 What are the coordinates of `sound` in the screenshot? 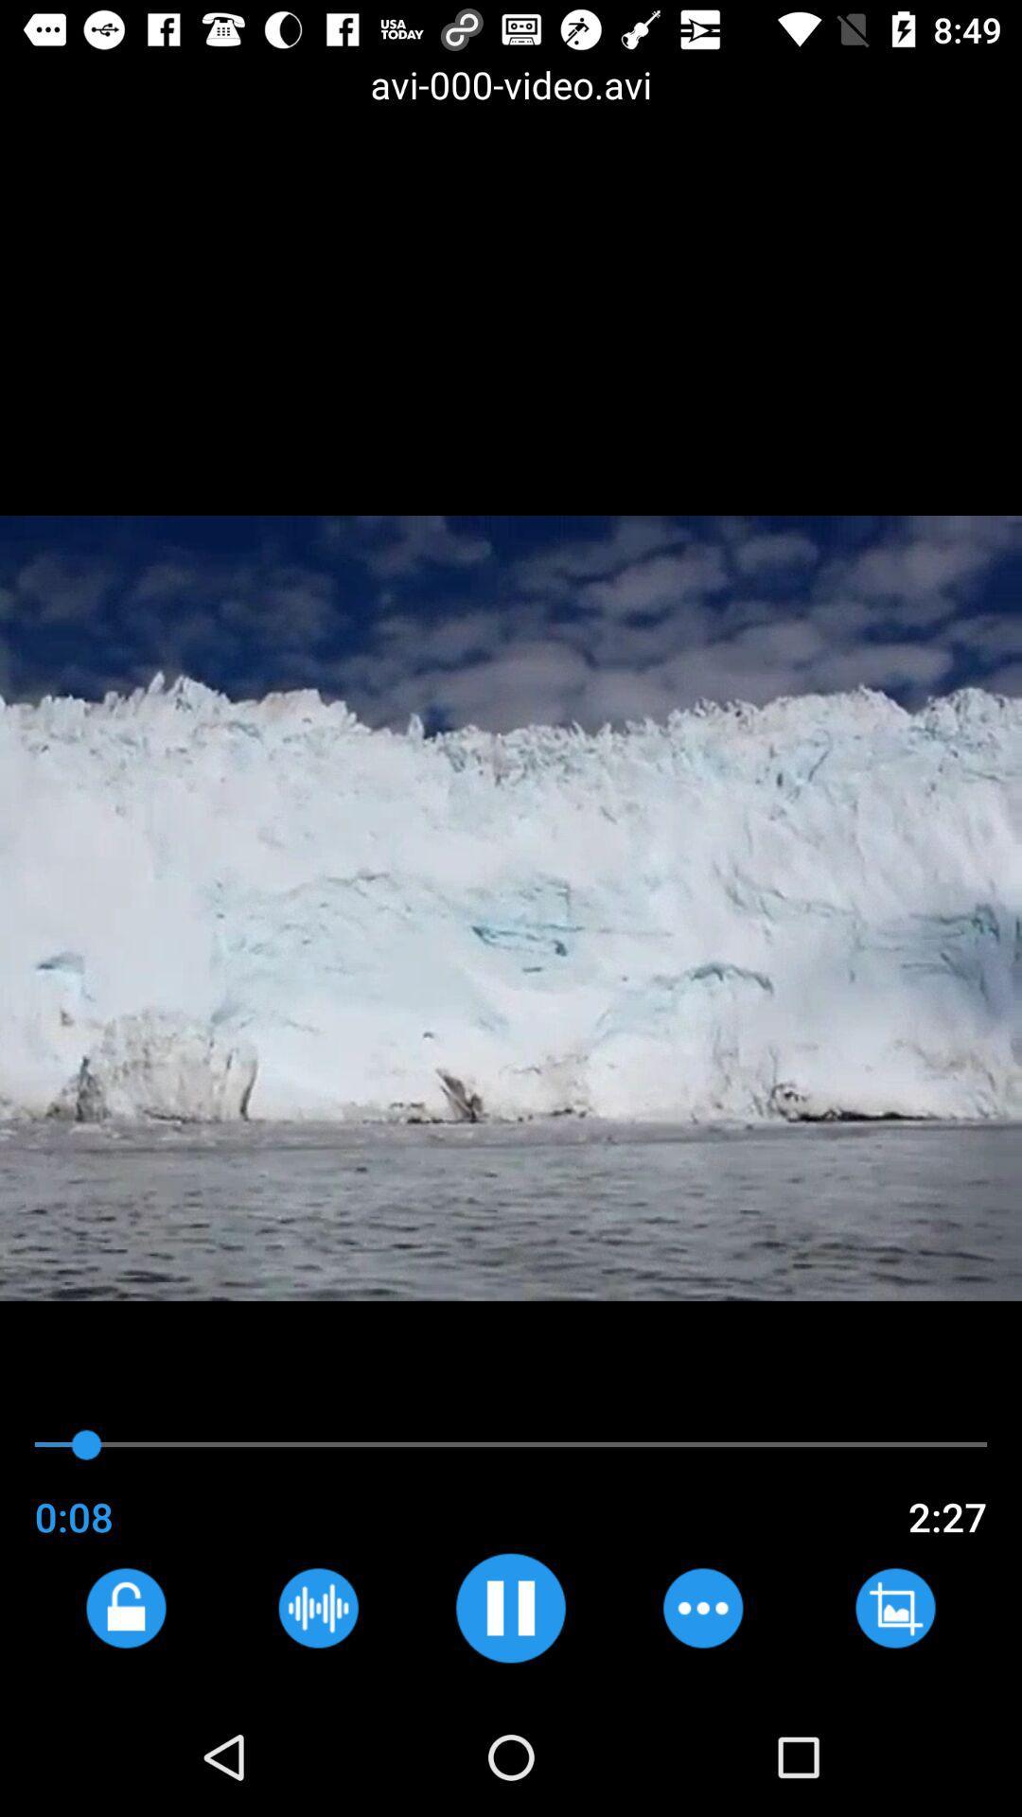 It's located at (509, 1607).